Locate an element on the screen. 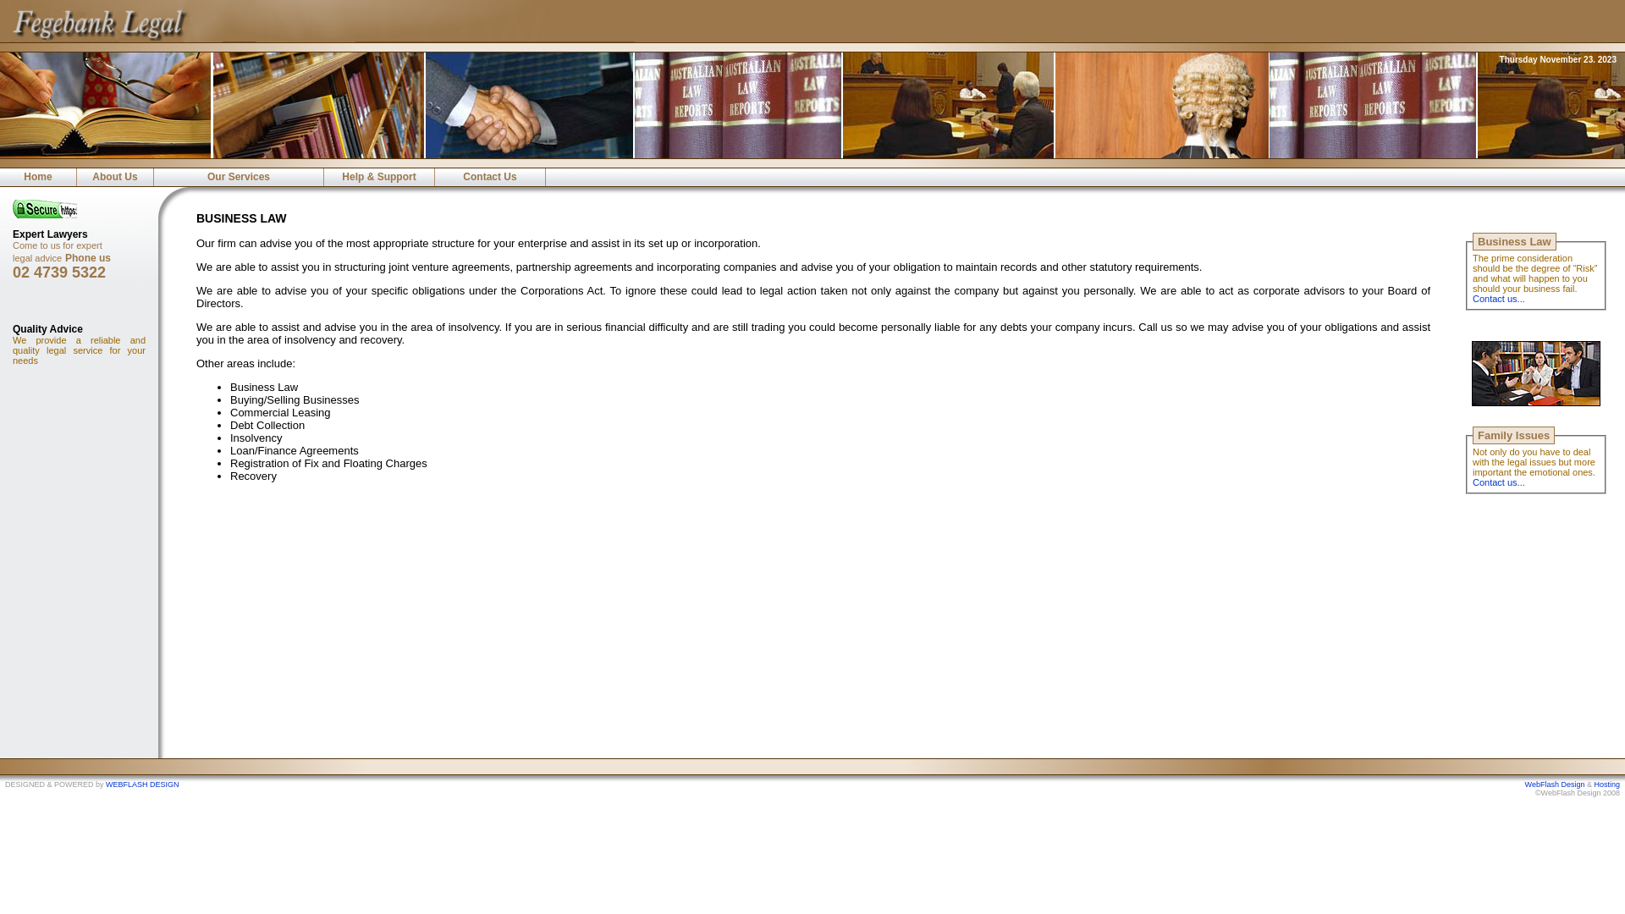 The image size is (1625, 914). 'Contact us...' is located at coordinates (1471, 482).